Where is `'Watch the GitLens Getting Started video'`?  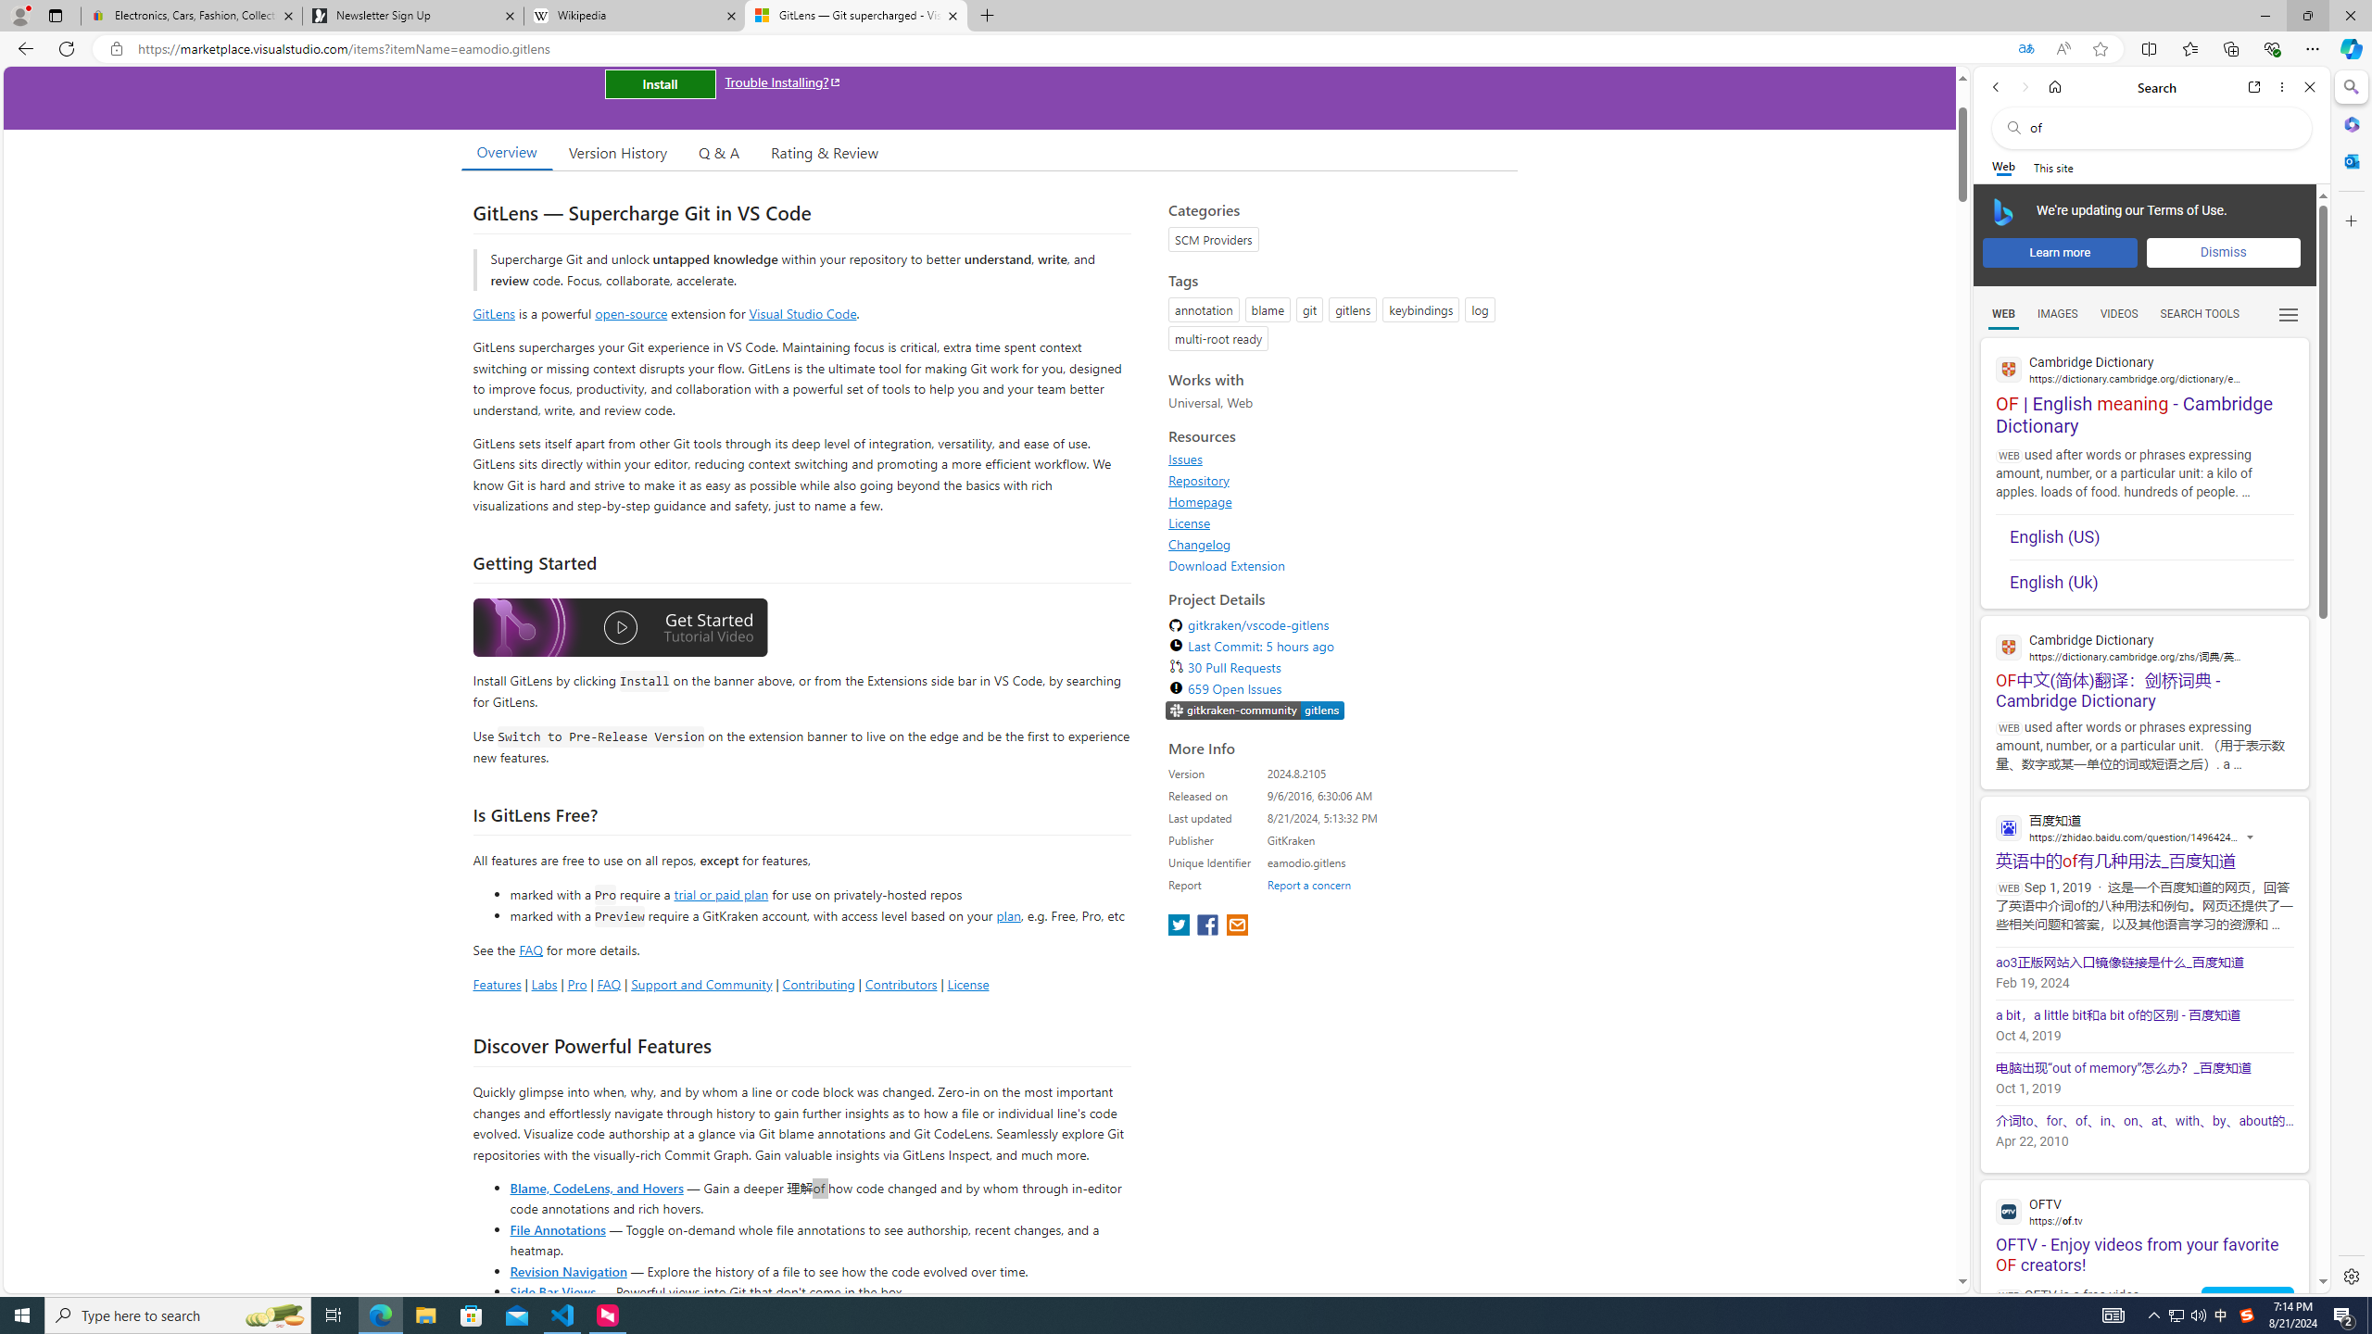
'Watch the GitLens Getting Started video' is located at coordinates (619, 627).